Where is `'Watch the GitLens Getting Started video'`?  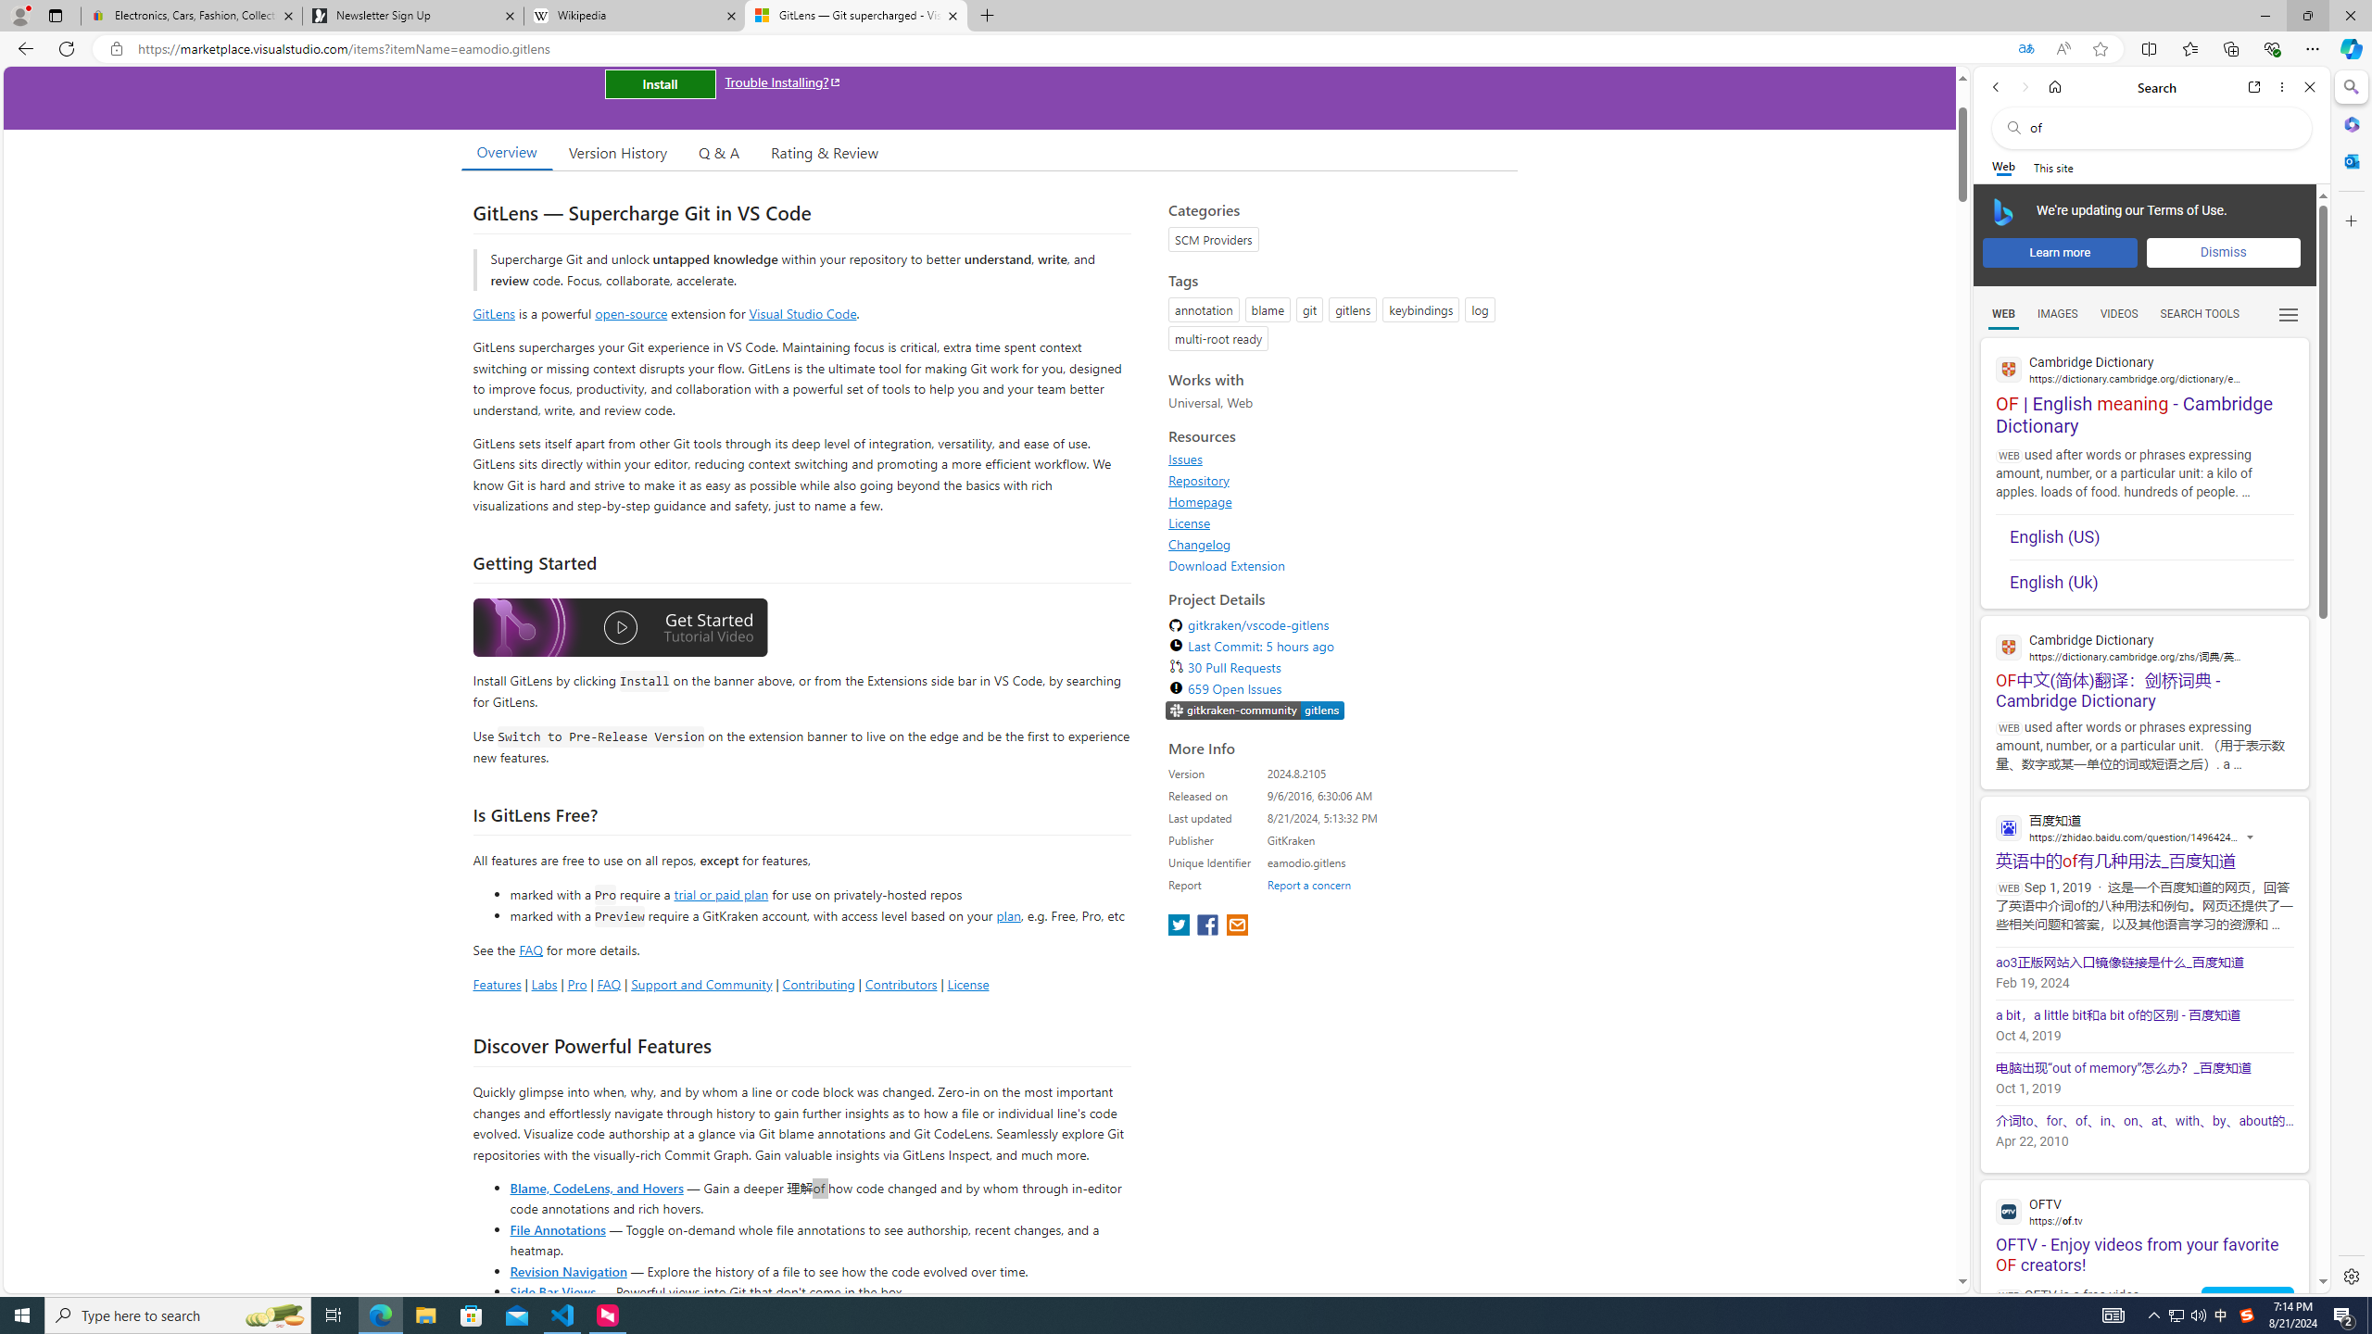
'Watch the GitLens Getting Started video' is located at coordinates (619, 627).